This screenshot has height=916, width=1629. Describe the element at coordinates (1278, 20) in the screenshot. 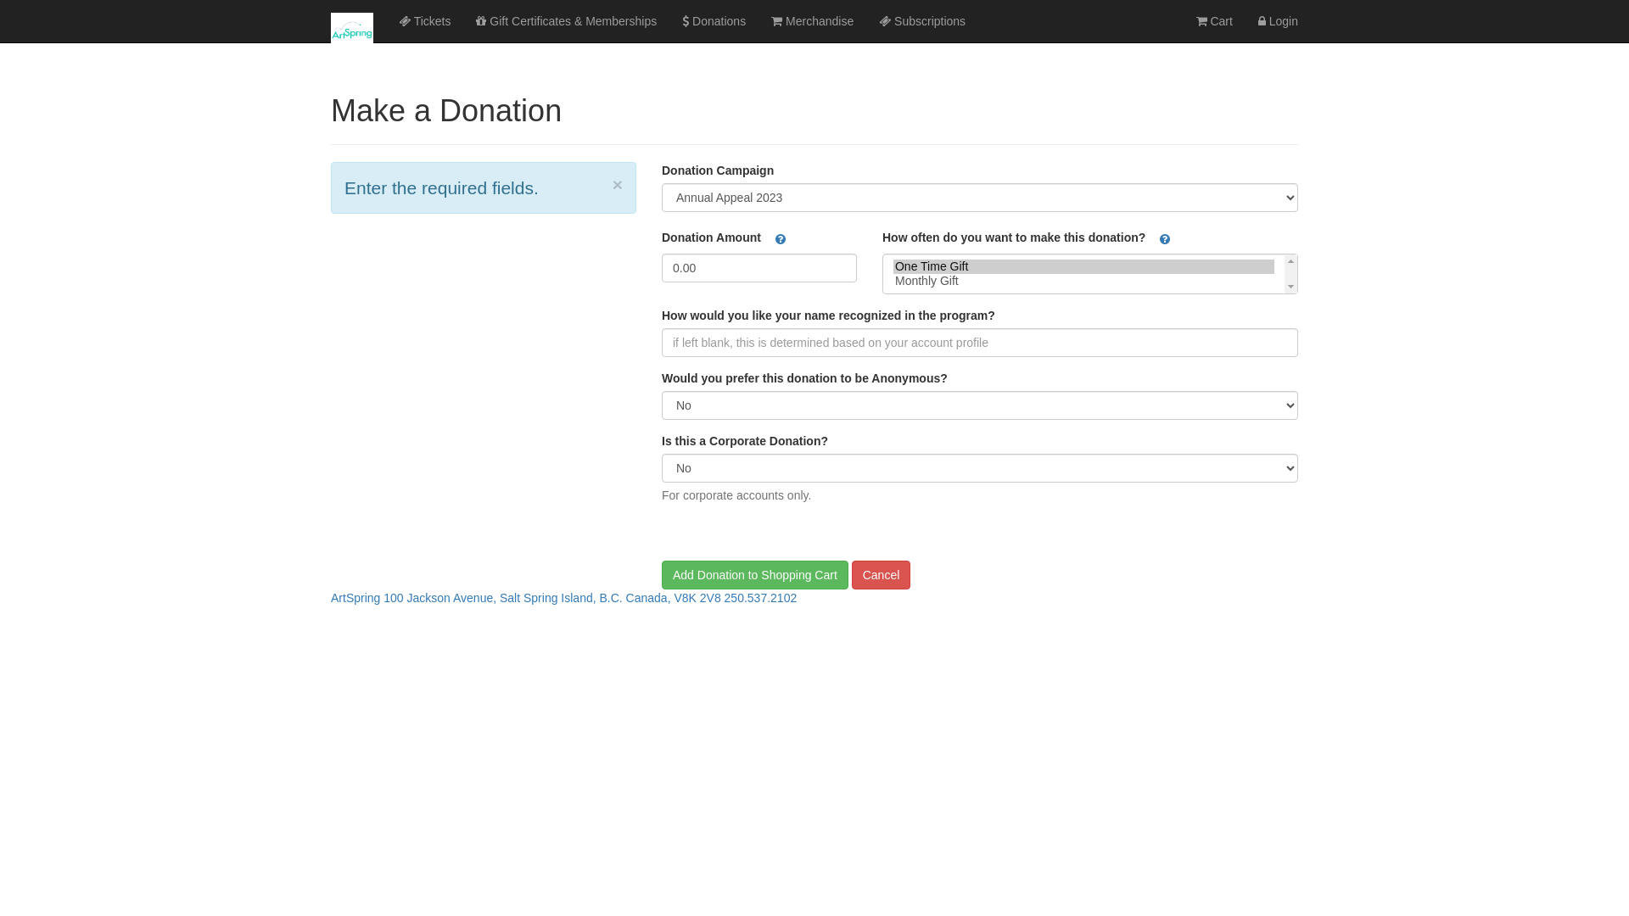

I see `'Login'` at that location.